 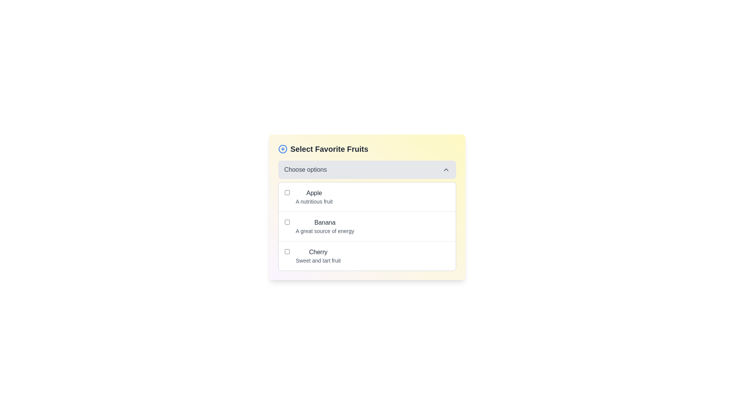 What do you see at coordinates (366, 196) in the screenshot?
I see `the first selectable list item with a checkbox and descriptive text 'Apple' located below the header 'Choose options'` at bounding box center [366, 196].